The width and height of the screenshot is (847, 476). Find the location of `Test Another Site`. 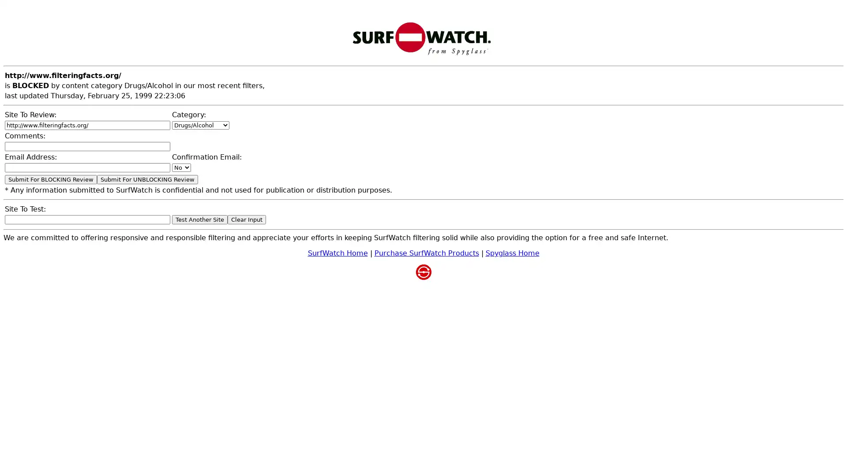

Test Another Site is located at coordinates (199, 219).